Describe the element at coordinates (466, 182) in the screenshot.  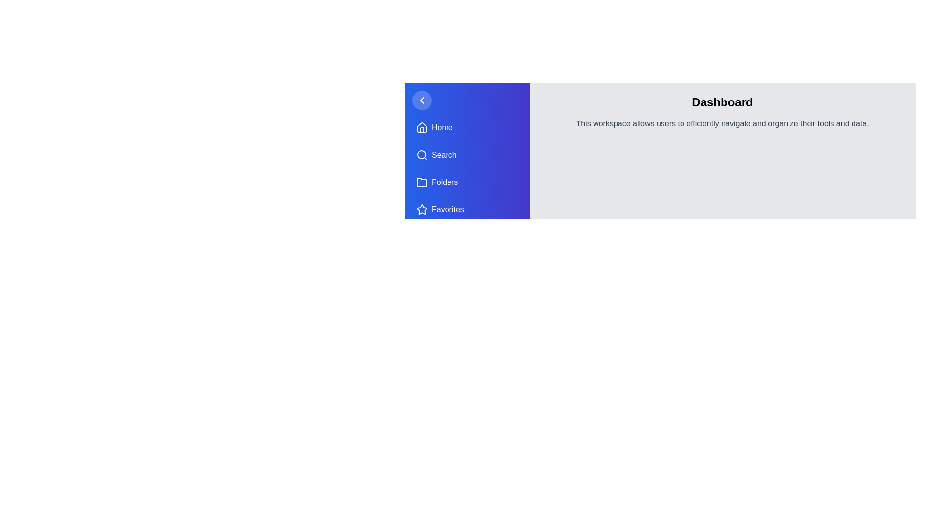
I see `the navigation item Folders from the drawer` at that location.